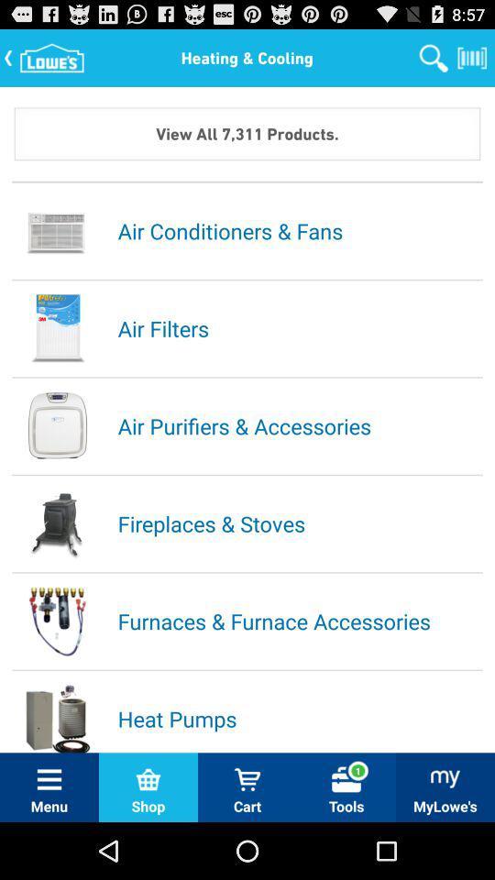 This screenshot has height=880, width=495. Describe the element at coordinates (247, 132) in the screenshot. I see `the view all 7` at that location.